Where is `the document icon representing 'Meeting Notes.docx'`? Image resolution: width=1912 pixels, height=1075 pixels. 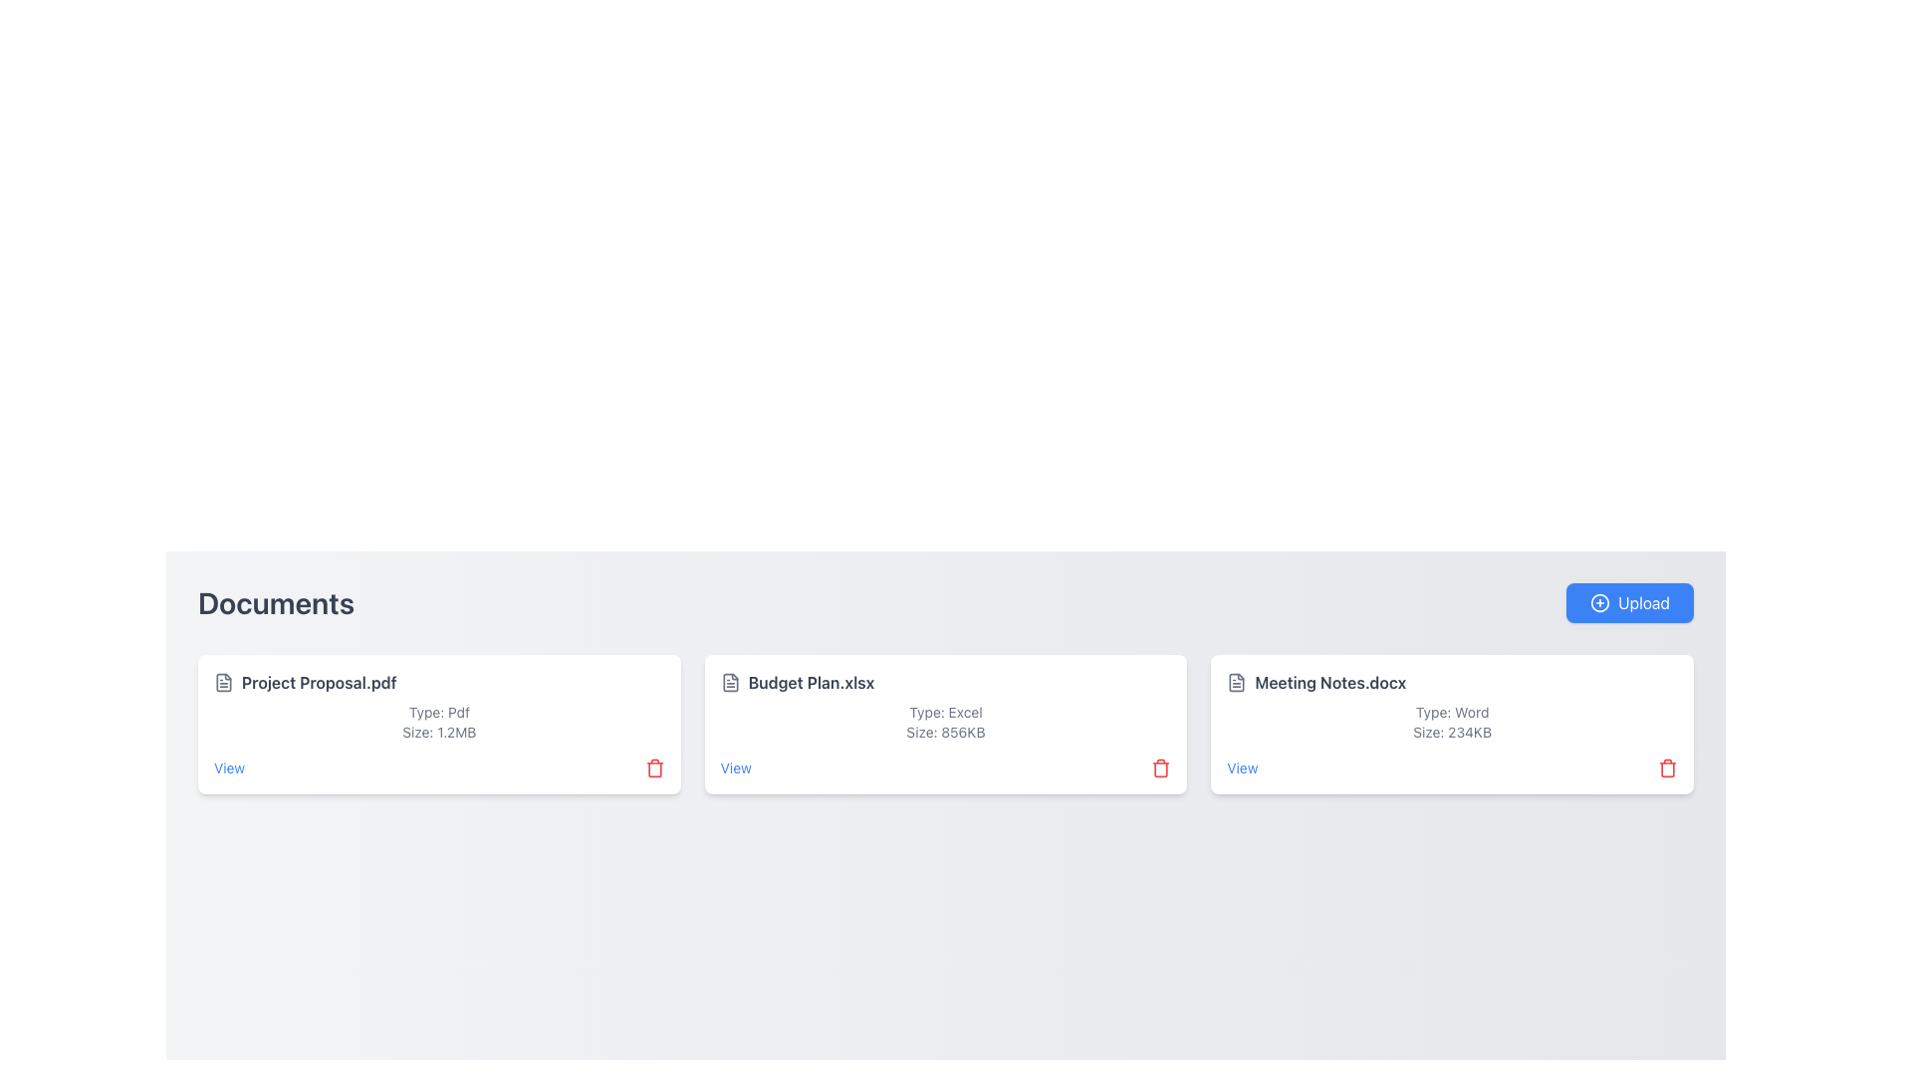 the document icon representing 'Meeting Notes.docx' is located at coordinates (1236, 682).